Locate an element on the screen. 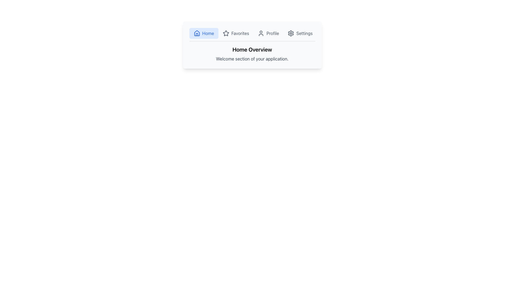 This screenshot has width=521, height=293. the 'Favorites' navigation button located at the top-center of the layout is located at coordinates (236, 33).